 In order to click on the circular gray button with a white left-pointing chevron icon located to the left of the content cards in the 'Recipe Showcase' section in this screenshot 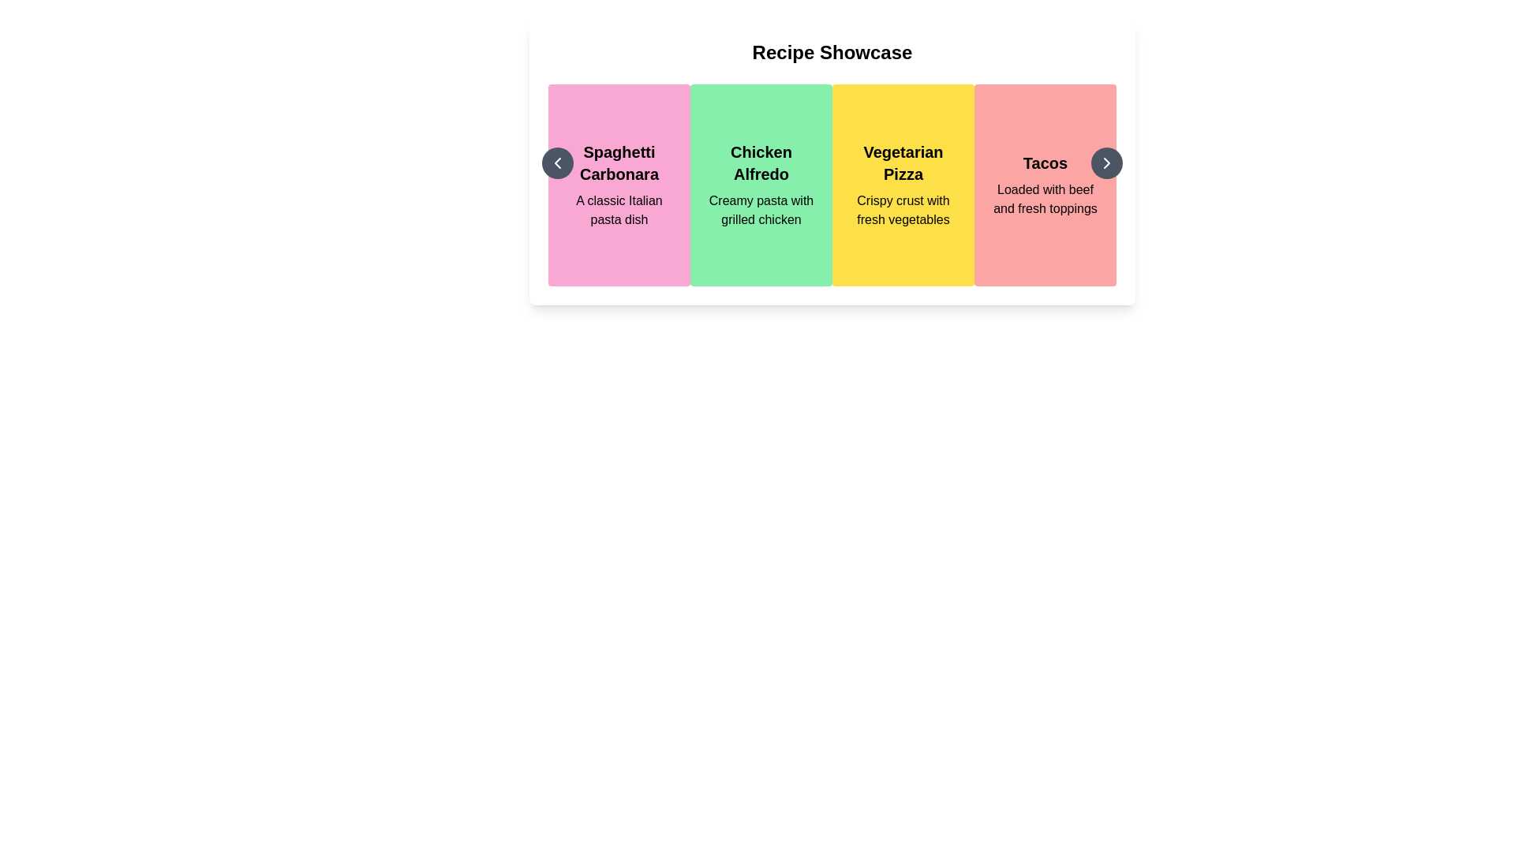, I will do `click(557, 163)`.